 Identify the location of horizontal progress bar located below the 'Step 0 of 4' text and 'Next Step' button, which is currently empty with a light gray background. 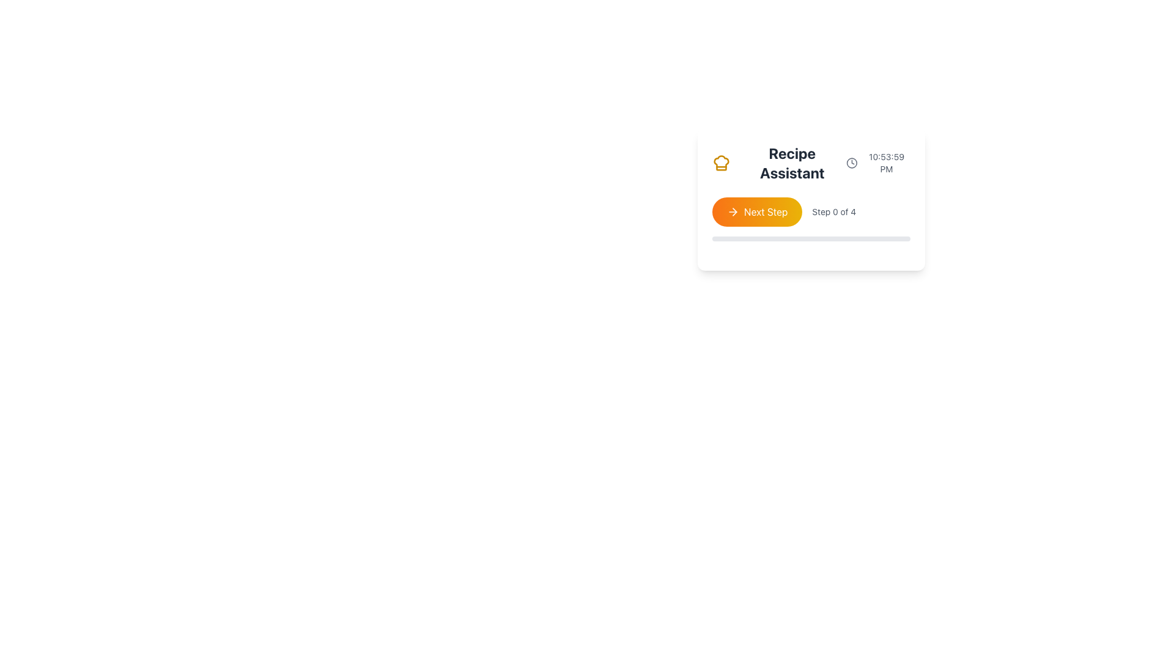
(811, 238).